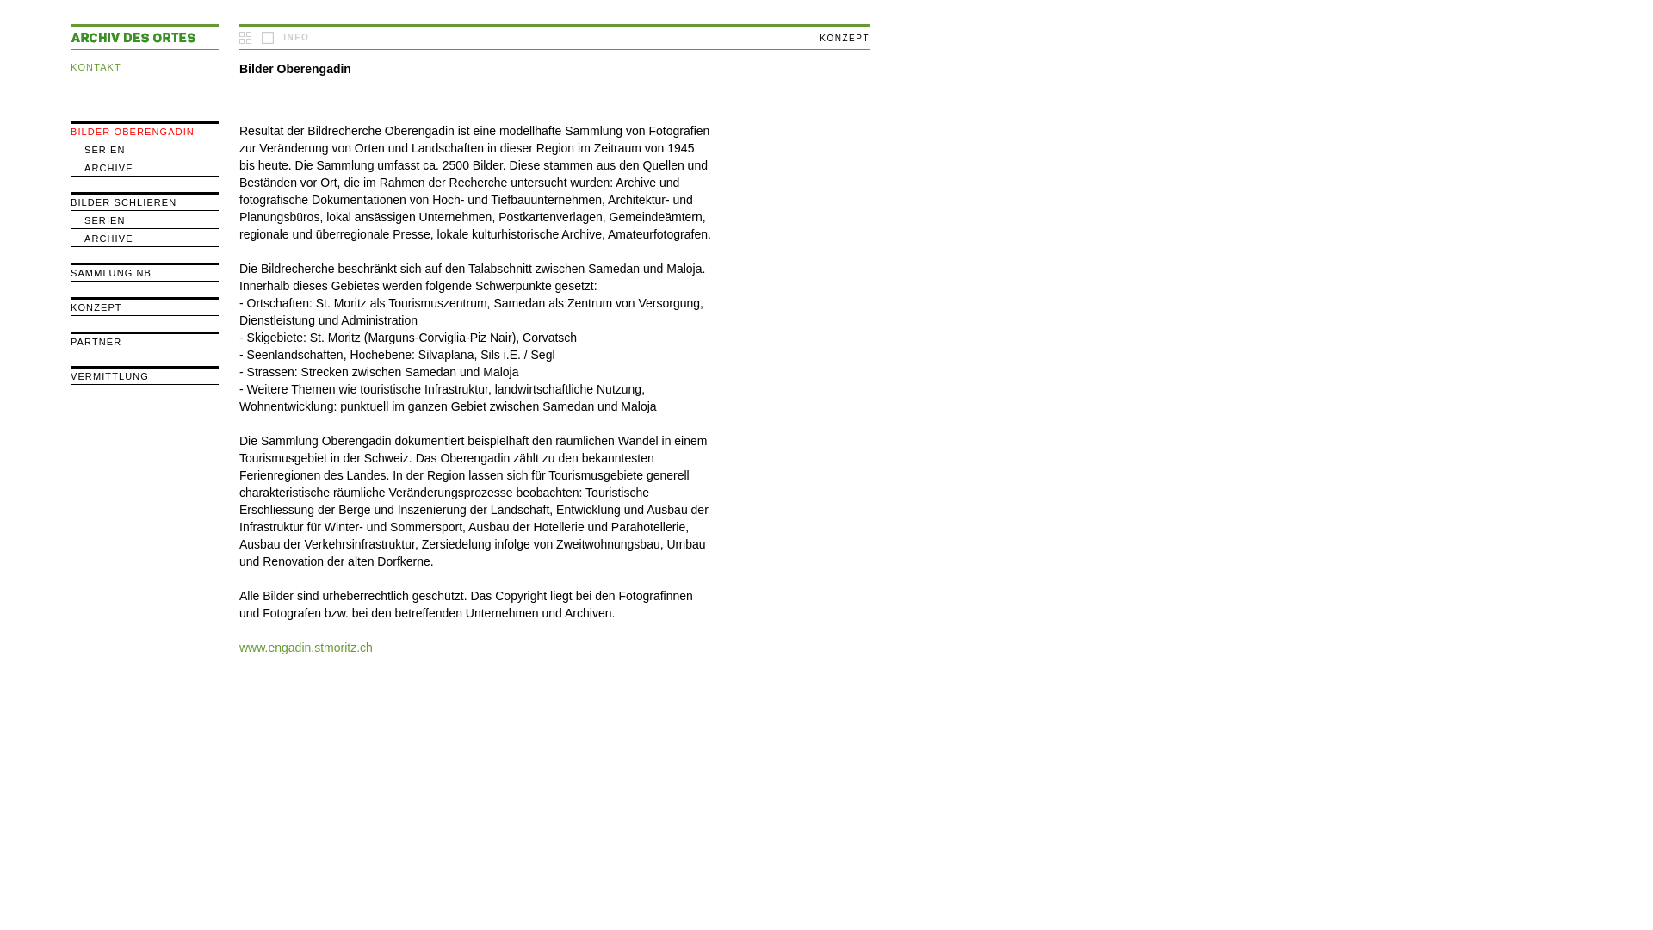 This screenshot has height=930, width=1653. I want to click on 'BILDER SCHLIEREN', so click(122, 201).